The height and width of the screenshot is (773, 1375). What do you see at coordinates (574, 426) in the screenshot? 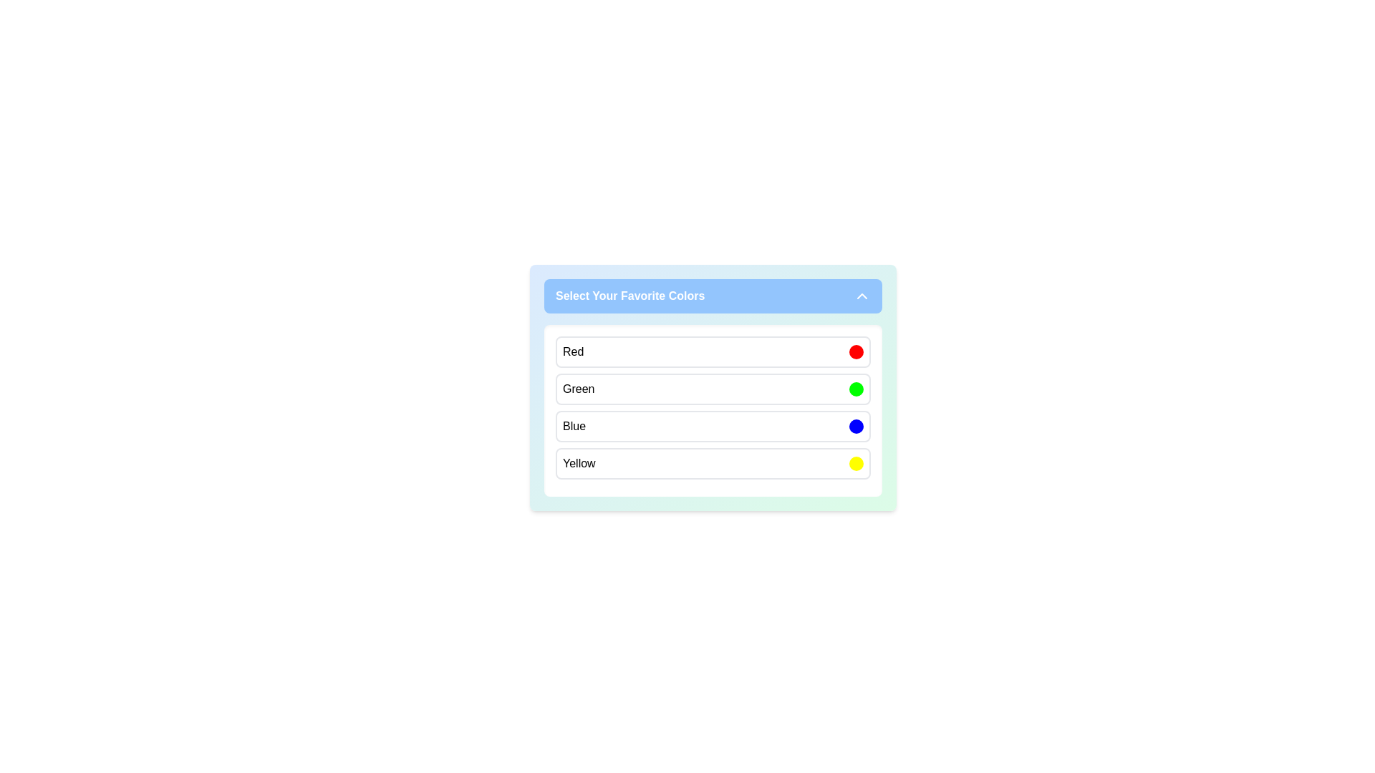
I see `the left-aligned text label for the 'Blue' color option, which is the third item in the vertical list of selectable color options` at bounding box center [574, 426].